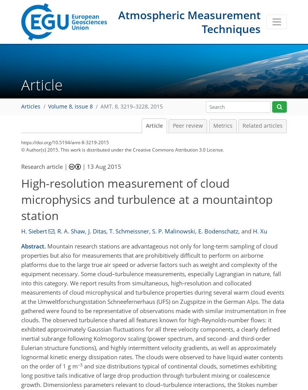 The height and width of the screenshot is (390, 308). What do you see at coordinates (64, 142) in the screenshot?
I see `'https://doi.org/10.5194/amt-8-3219-2015'` at bounding box center [64, 142].